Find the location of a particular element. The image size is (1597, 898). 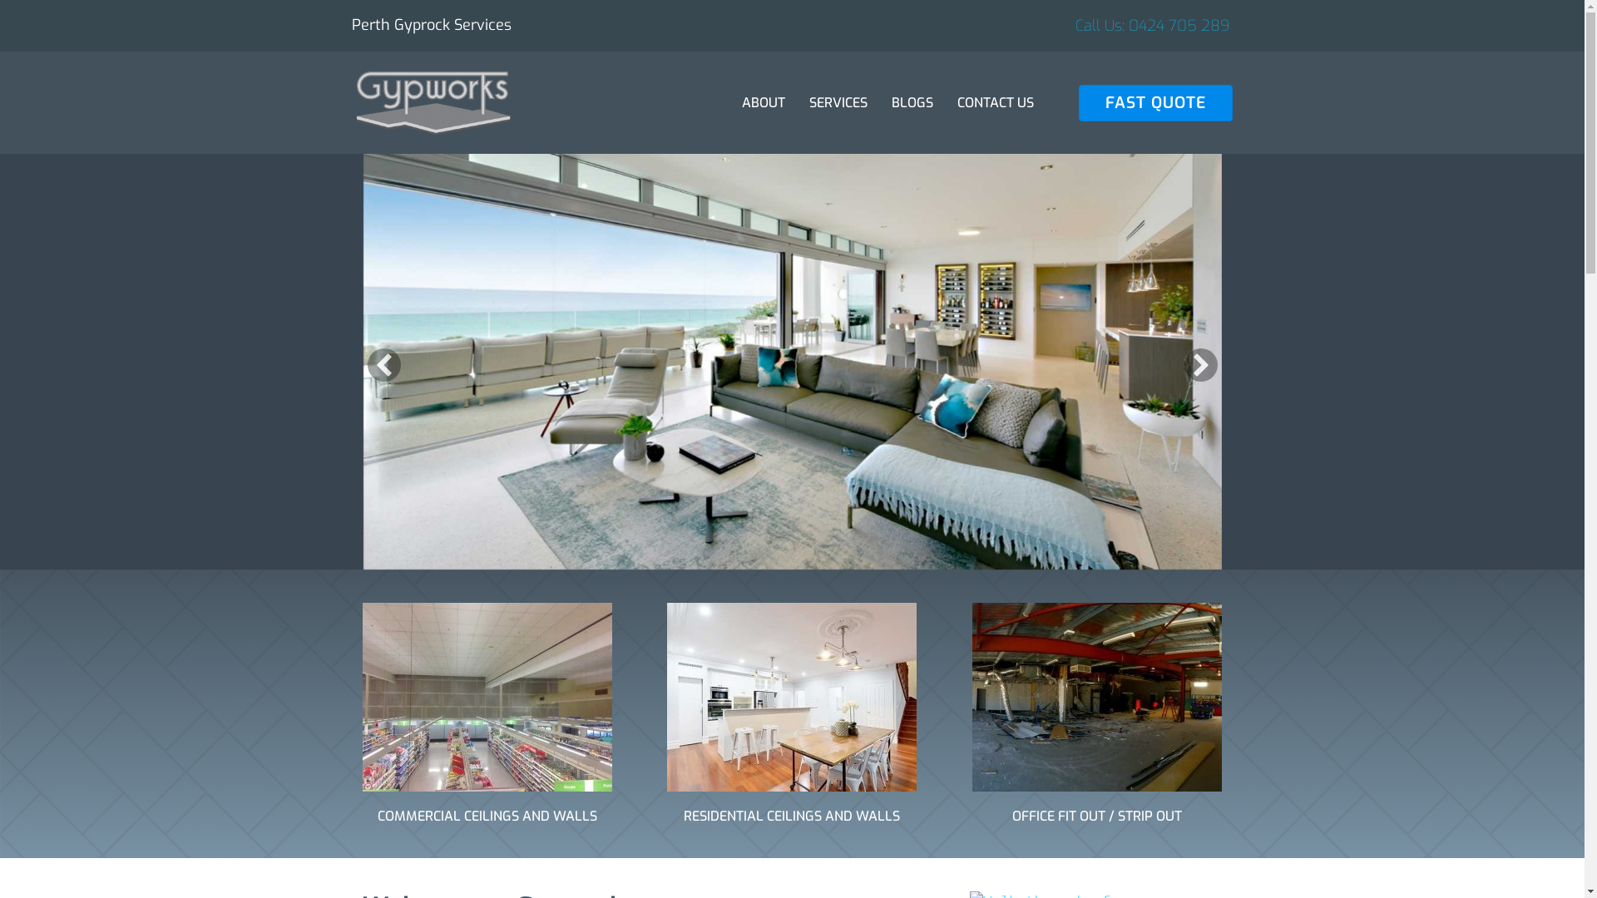

'CONTACT US' is located at coordinates (995, 102).